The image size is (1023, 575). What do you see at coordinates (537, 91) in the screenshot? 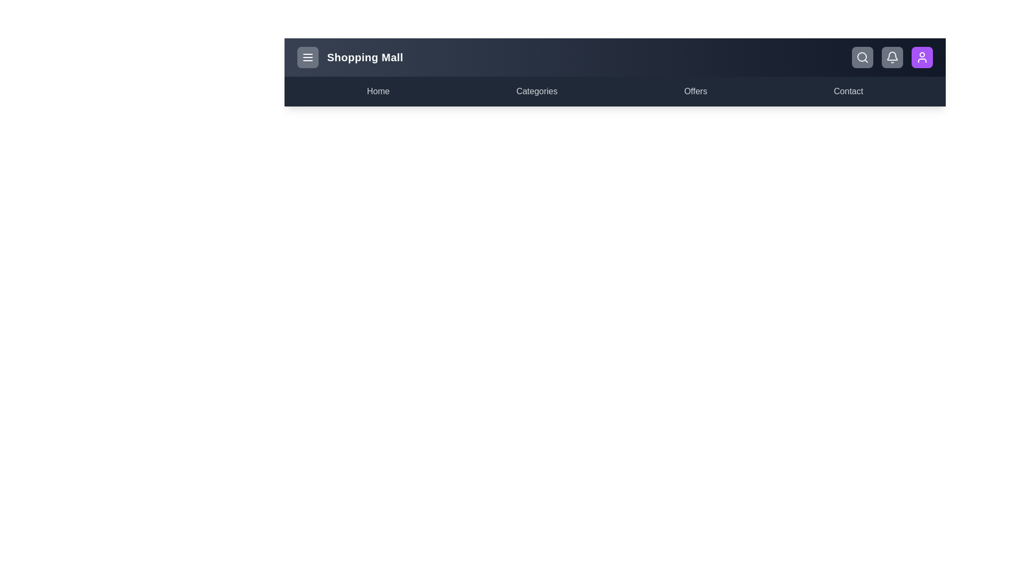
I see `the menu item Categories` at bounding box center [537, 91].